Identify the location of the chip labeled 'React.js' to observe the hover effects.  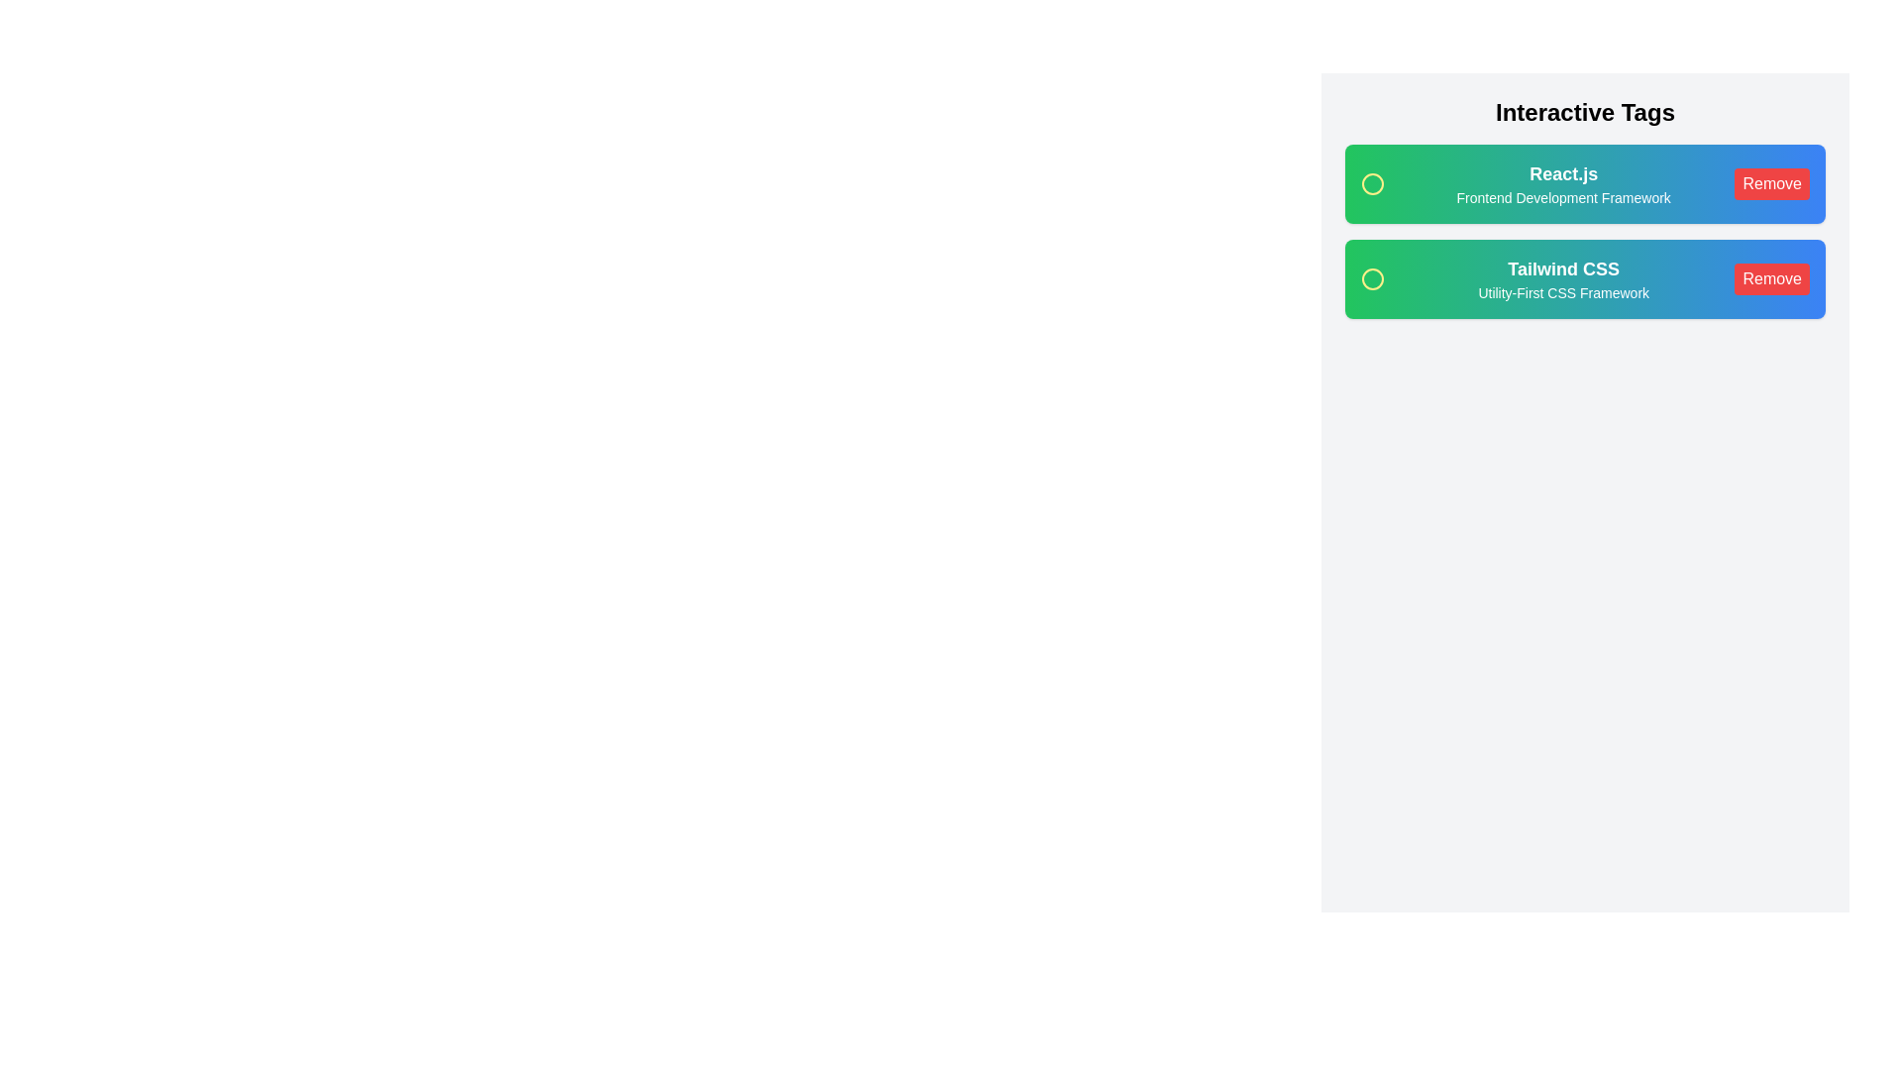
(1583, 183).